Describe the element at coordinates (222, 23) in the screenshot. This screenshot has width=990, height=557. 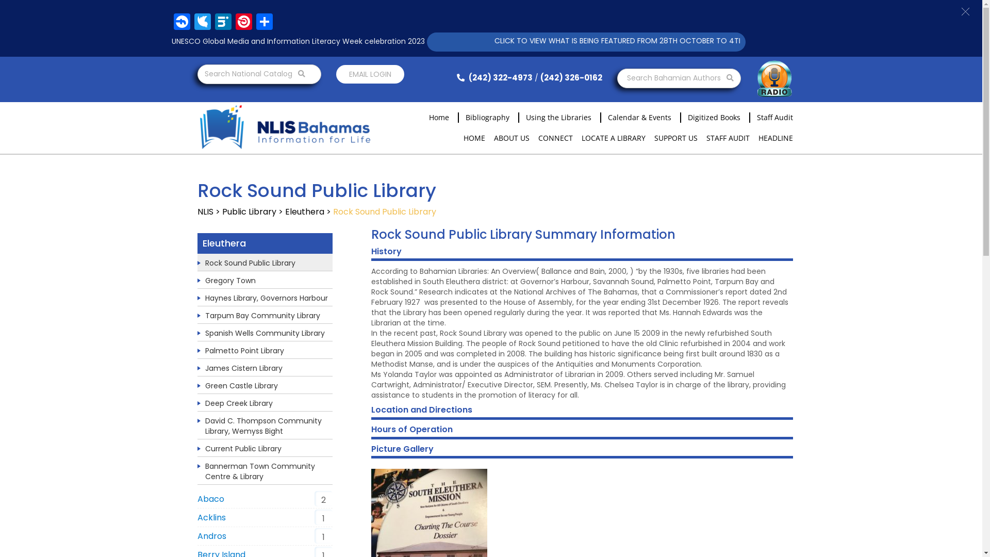
I see `'LinkedIn'` at that location.